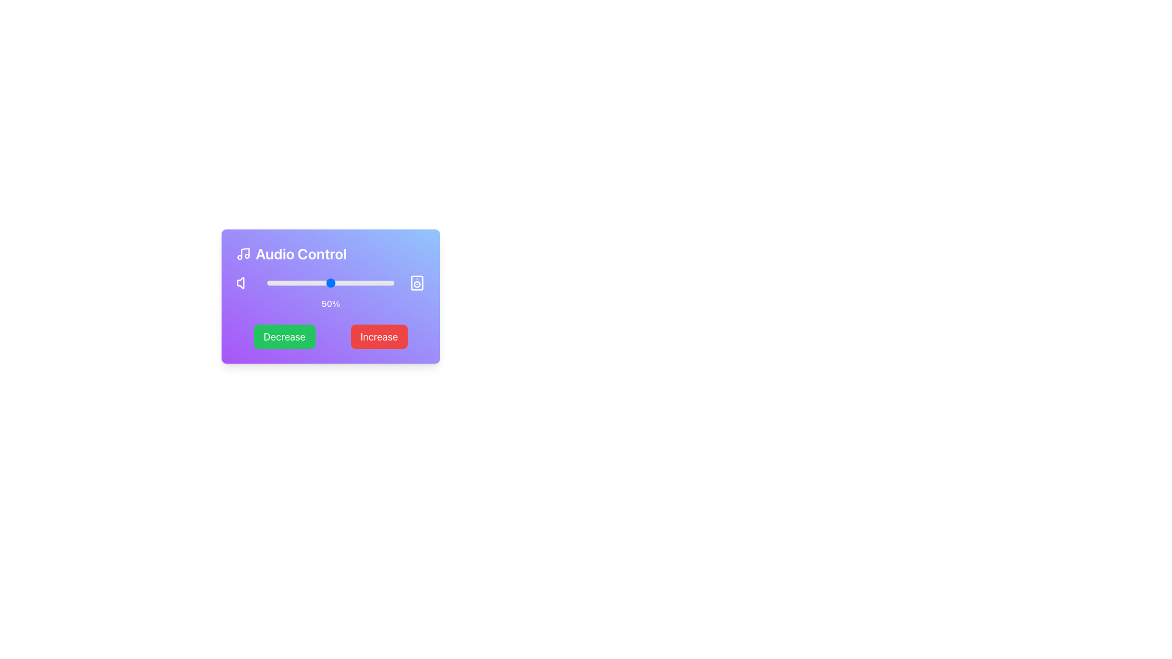  What do you see at coordinates (337, 283) in the screenshot?
I see `the slider` at bounding box center [337, 283].